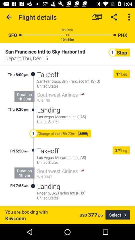 The height and width of the screenshot is (240, 135). Describe the element at coordinates (119, 74) in the screenshot. I see `the icon next to 1 icon` at that location.